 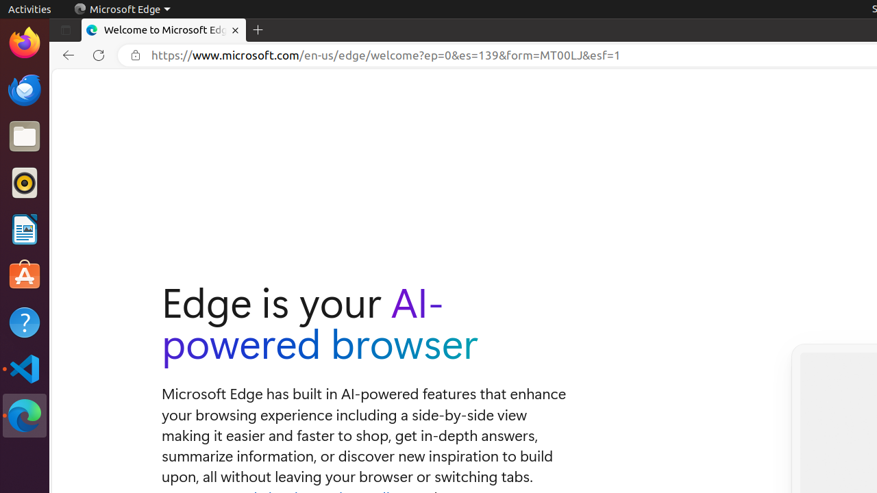 What do you see at coordinates (24, 136) in the screenshot?
I see `'Files'` at bounding box center [24, 136].